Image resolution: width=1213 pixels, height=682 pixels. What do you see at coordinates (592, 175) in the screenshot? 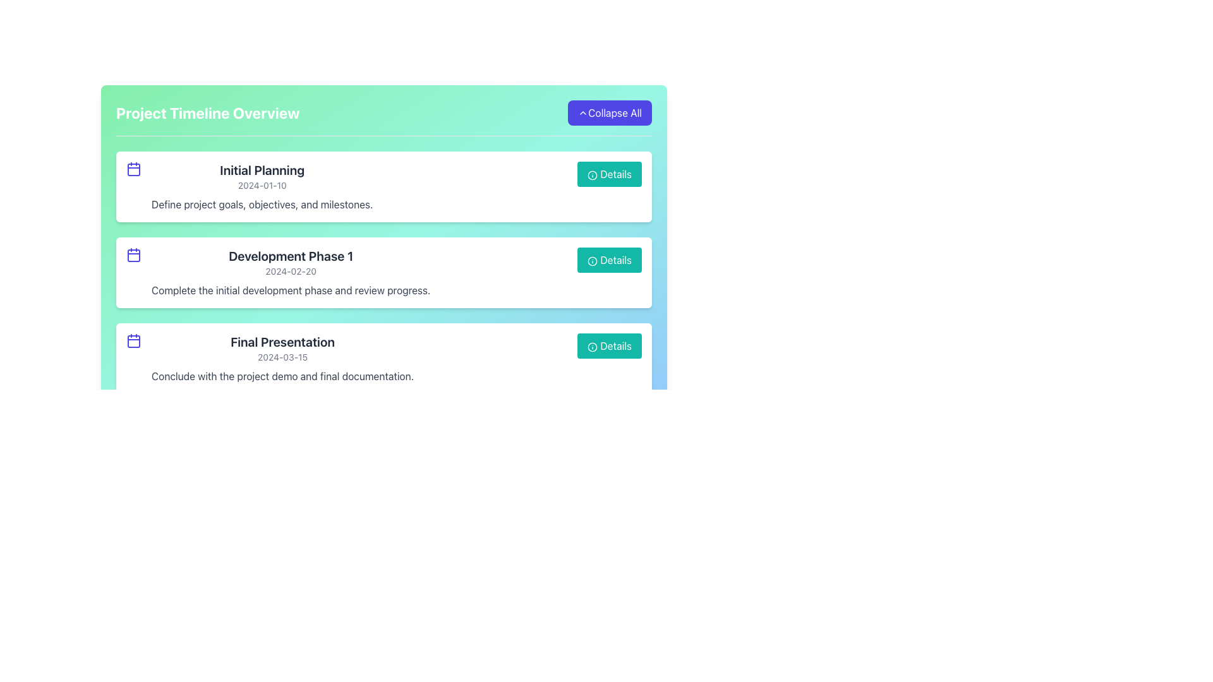
I see `the green outlined circular SVG element contained within the 'Details' button of the first timeline item, 'Initial Planning'` at bounding box center [592, 175].